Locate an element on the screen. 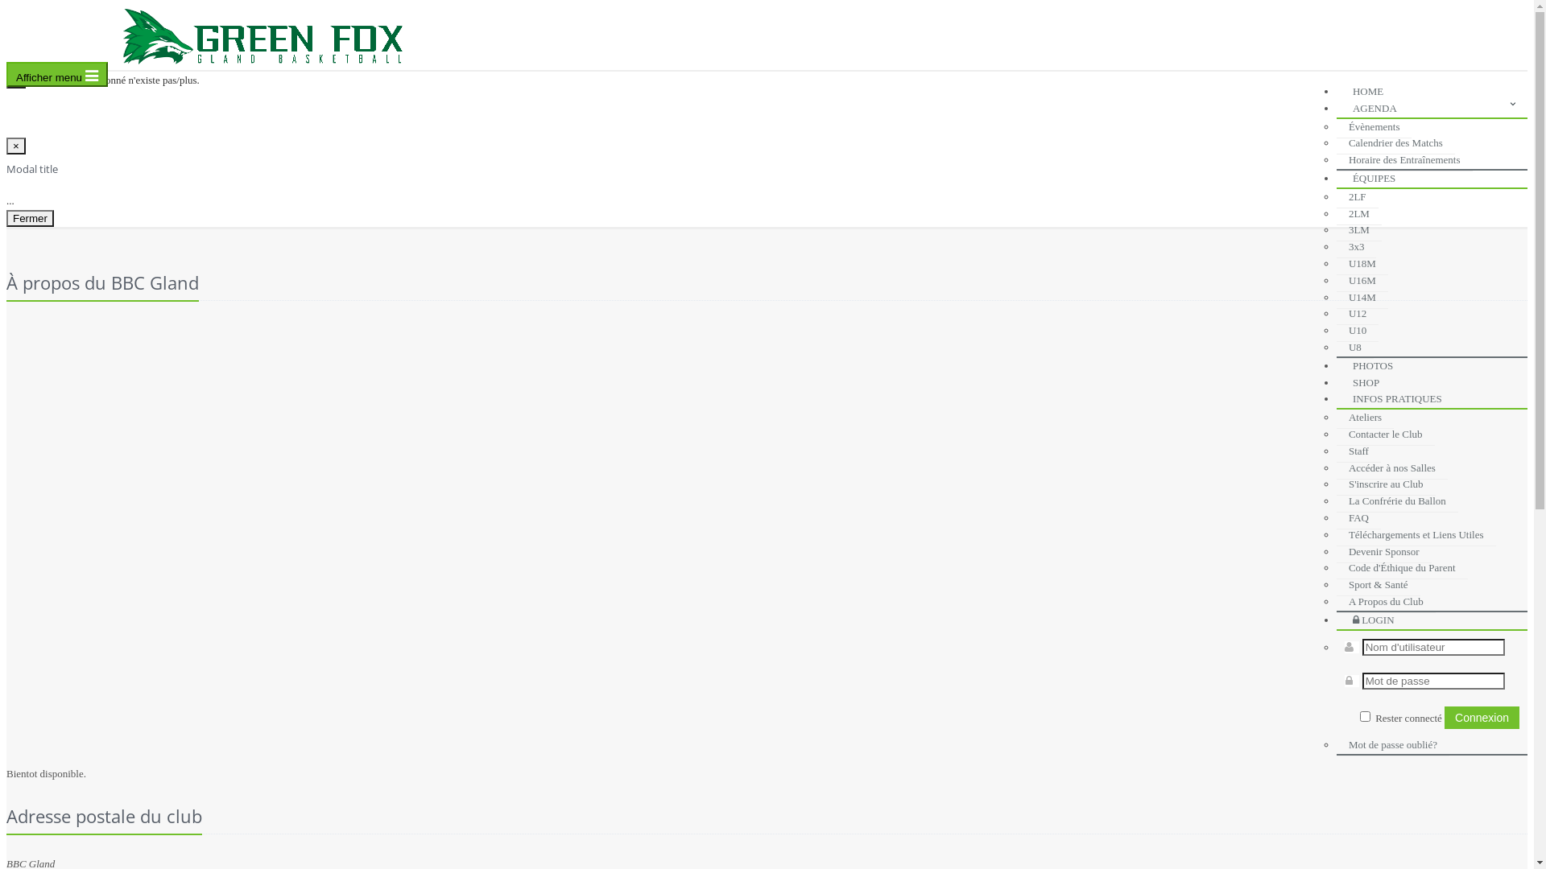 This screenshot has height=869, width=1546. 'Ateliers' is located at coordinates (1364, 417).